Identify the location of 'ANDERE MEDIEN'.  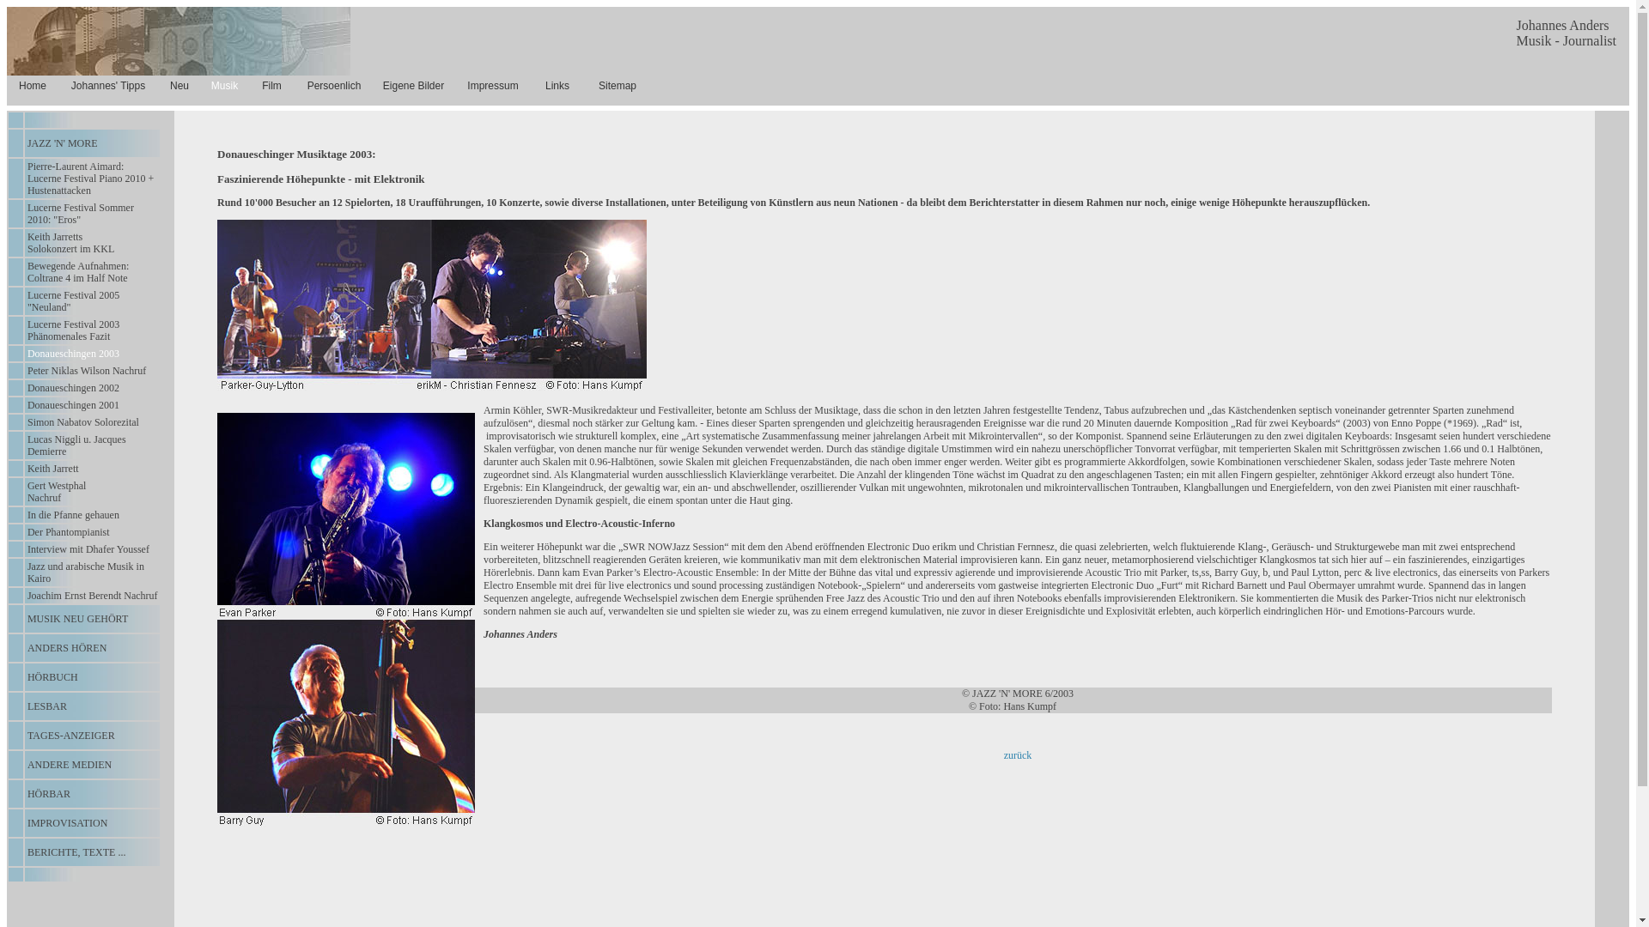
(69, 764).